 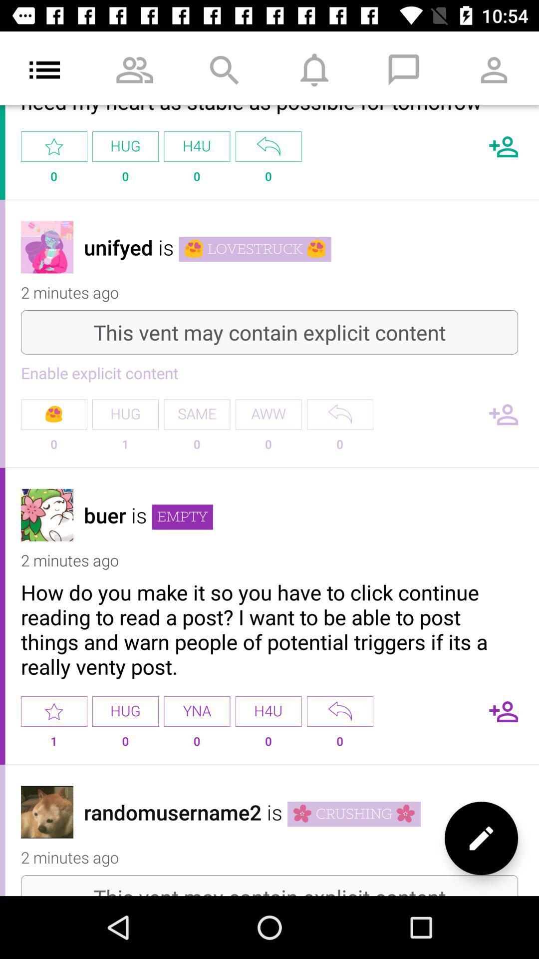 What do you see at coordinates (339, 414) in the screenshot?
I see `reply to post` at bounding box center [339, 414].